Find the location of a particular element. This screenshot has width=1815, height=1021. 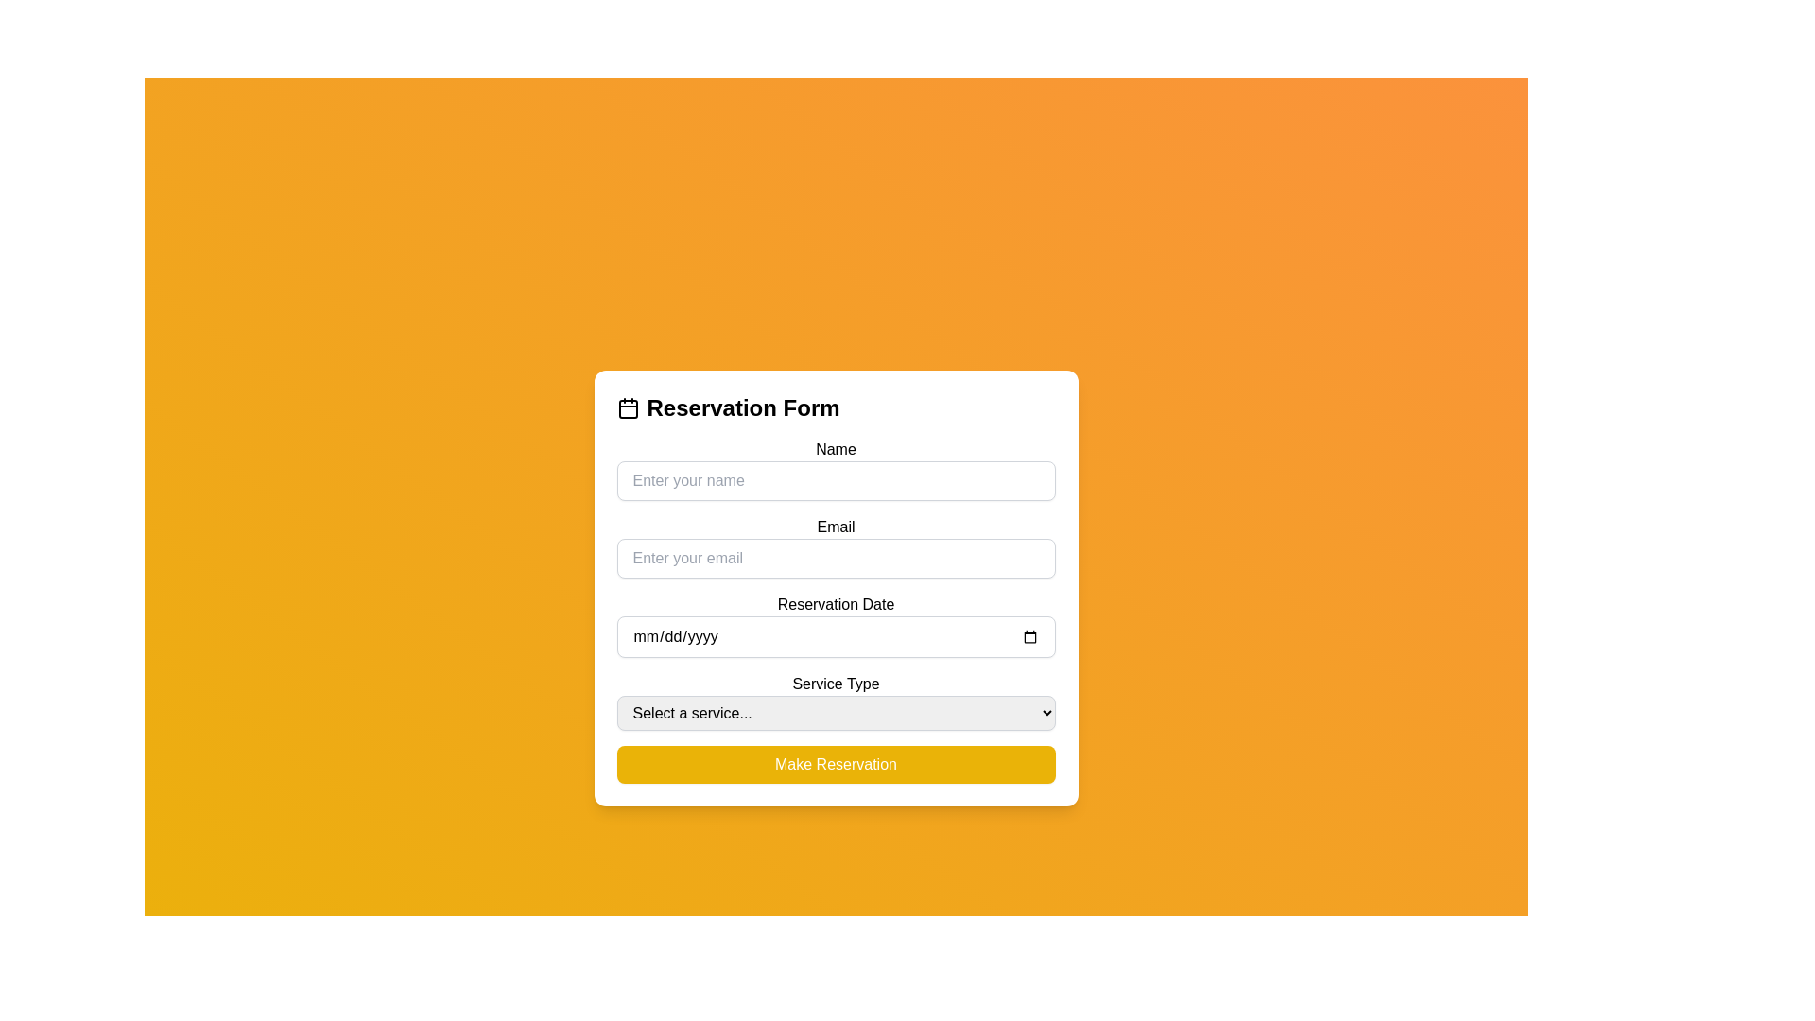

the 'Email' input field, which has the placeholder 'Enter your email' is located at coordinates (835, 546).